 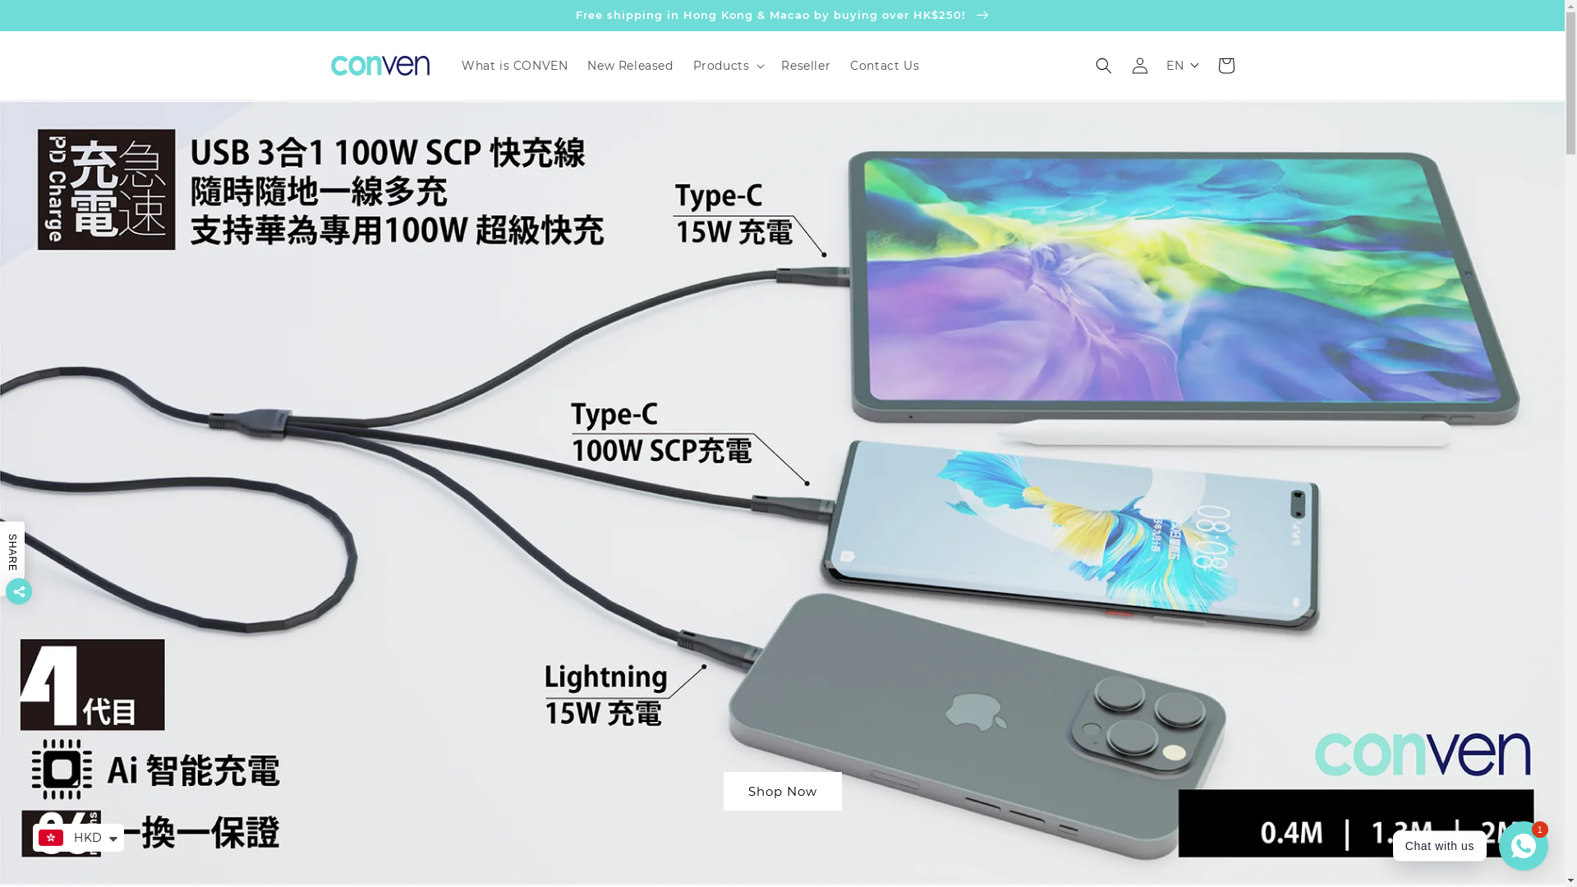 I want to click on 'Cart', so click(x=1225, y=65).